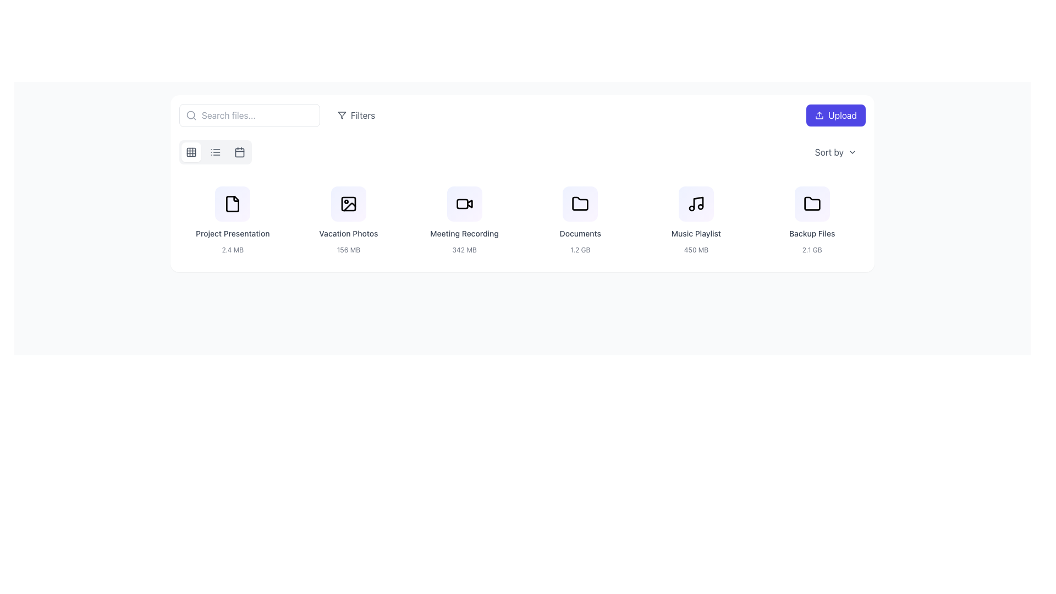 The image size is (1056, 594). I want to click on decorative rectangle shape that serves as the foundational background for the icon, located centrally within the SVG graphic, so click(348, 204).